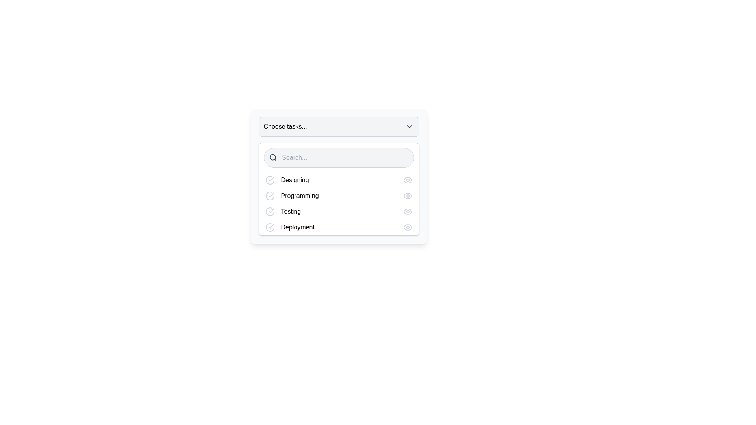 The height and width of the screenshot is (425, 756). Describe the element at coordinates (339, 180) in the screenshot. I see `the first list item row labeled 'Designing'` at that location.